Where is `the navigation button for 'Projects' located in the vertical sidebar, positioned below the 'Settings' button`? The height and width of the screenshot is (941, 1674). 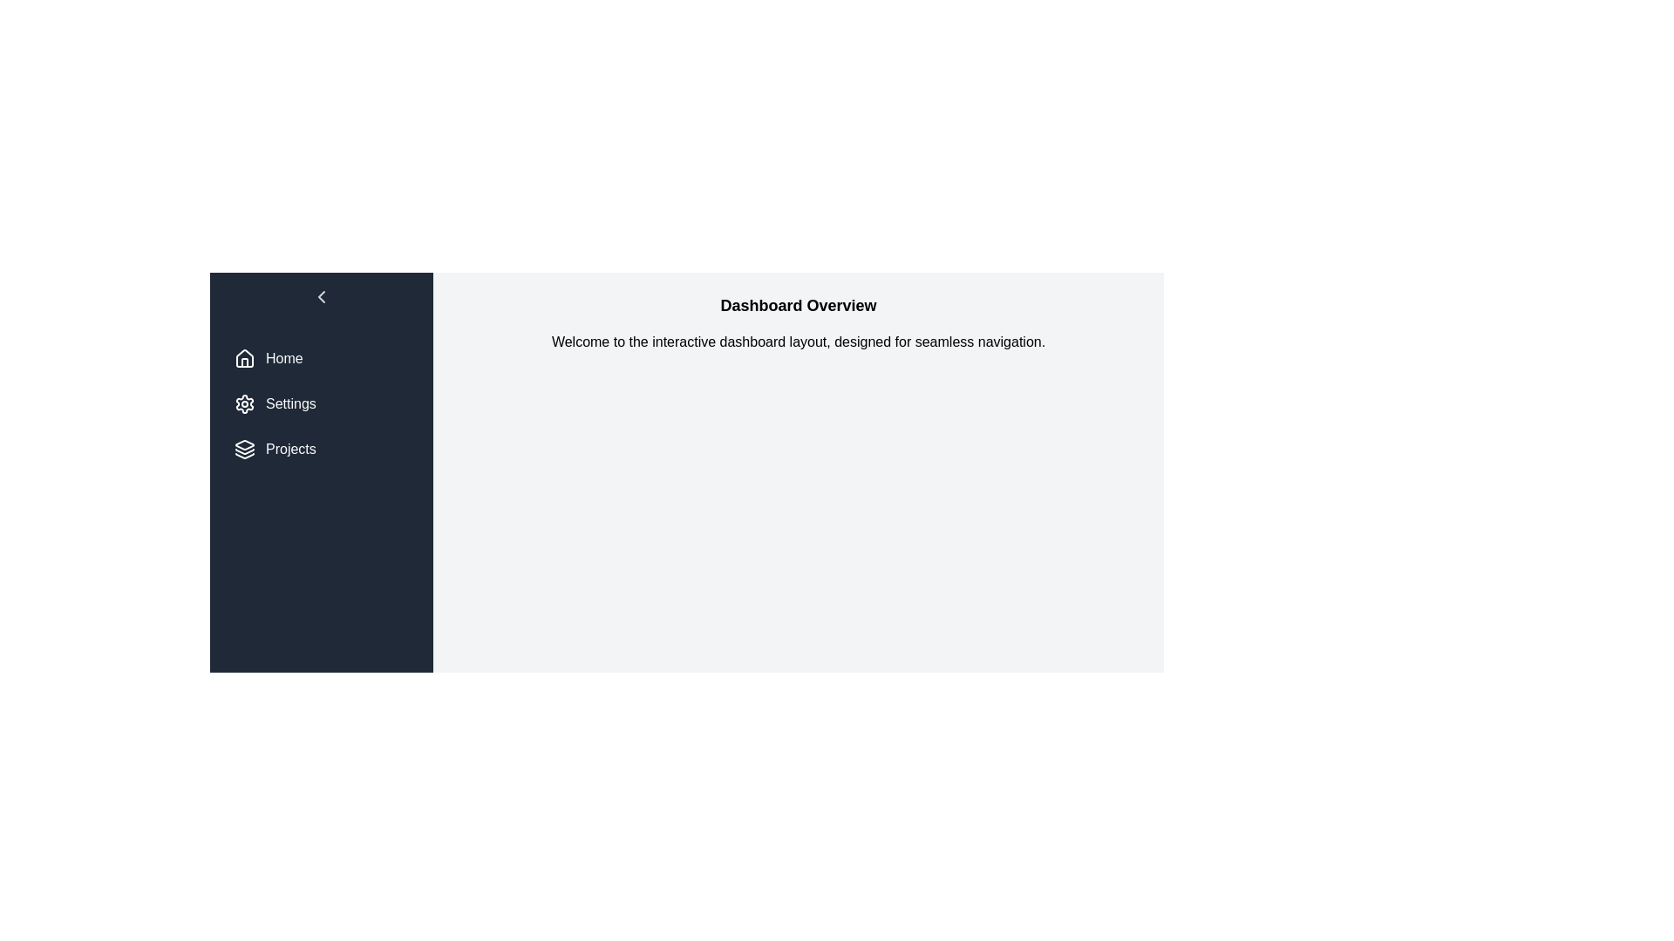 the navigation button for 'Projects' located in the vertical sidebar, positioned below the 'Settings' button is located at coordinates (322, 449).